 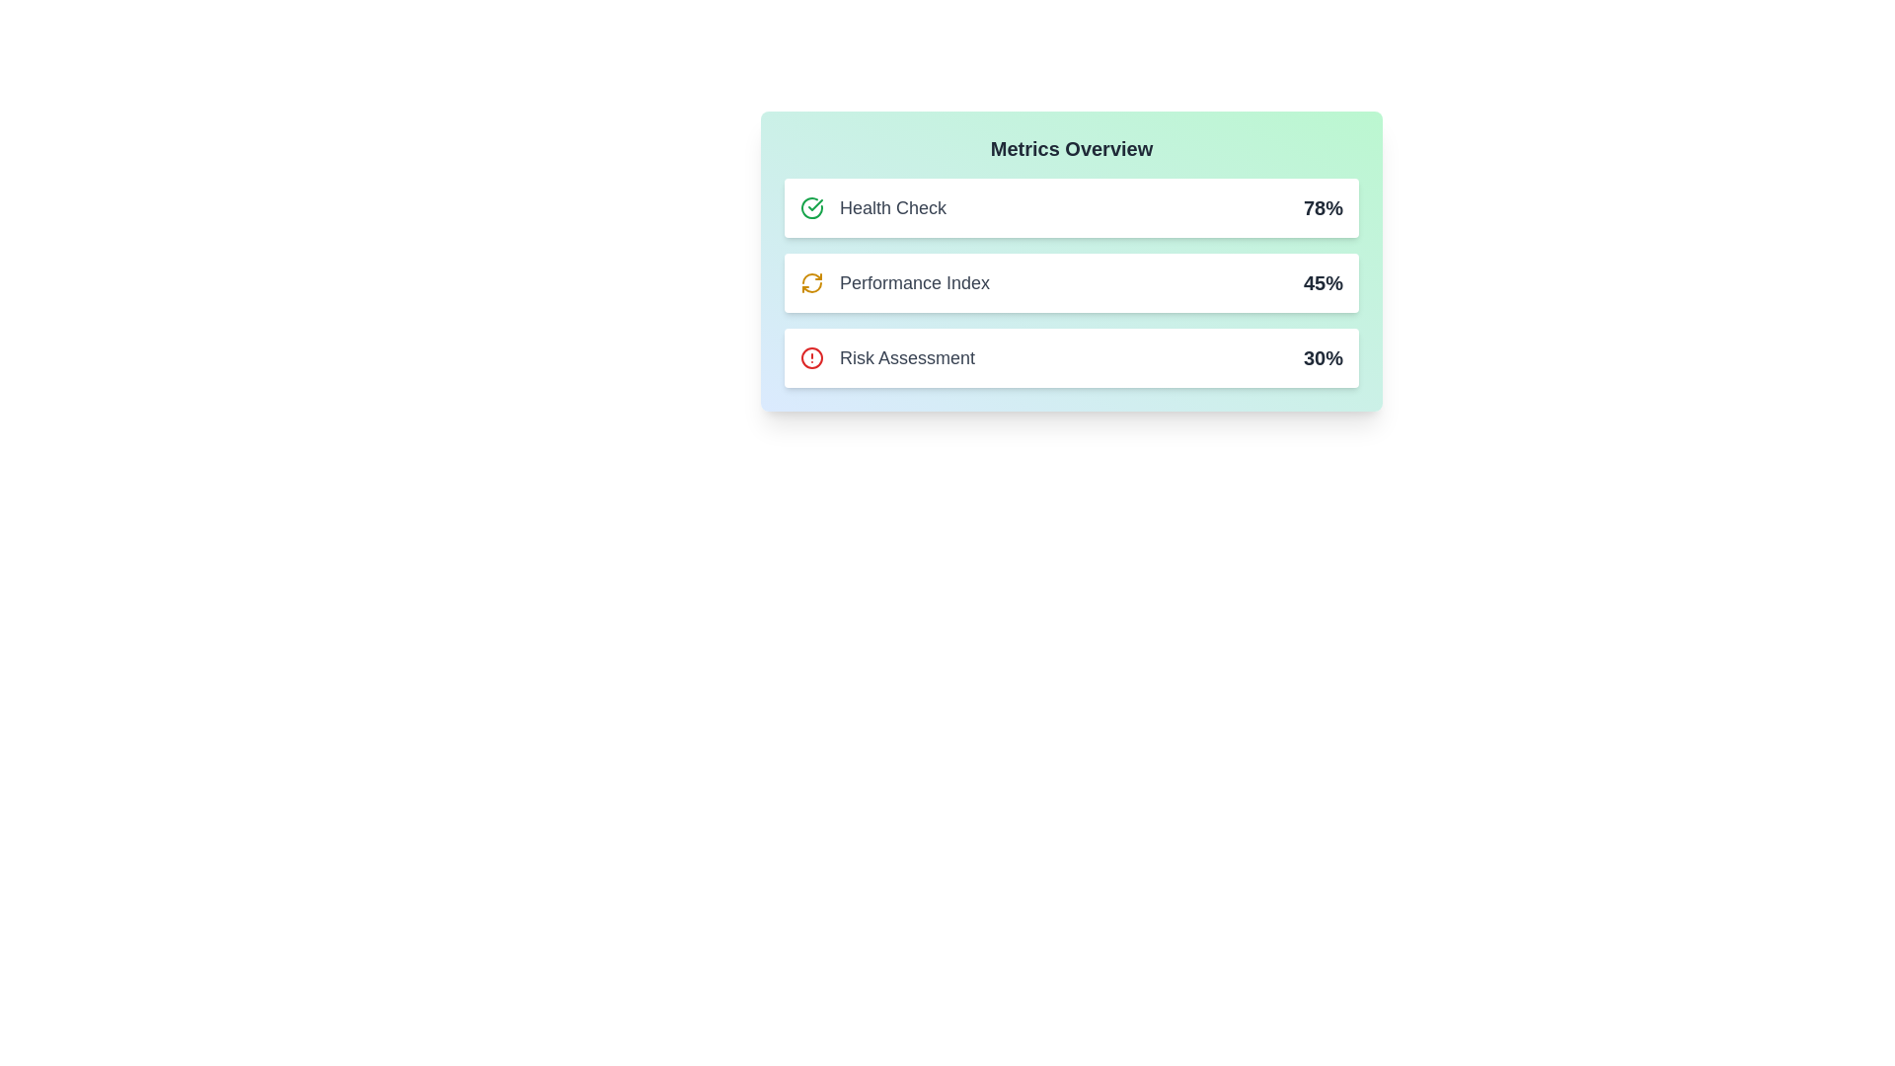 I want to click on the 'Health Check' icon component, so click(x=872, y=208).